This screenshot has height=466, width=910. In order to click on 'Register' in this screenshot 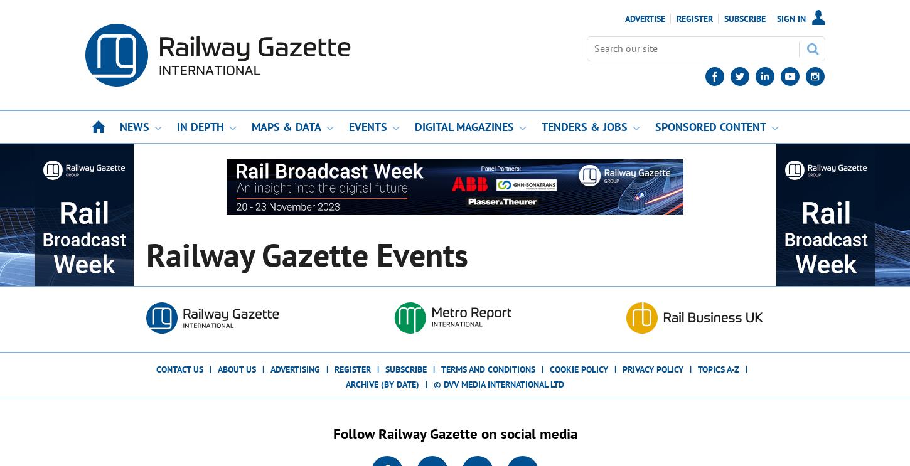, I will do `click(353, 369)`.